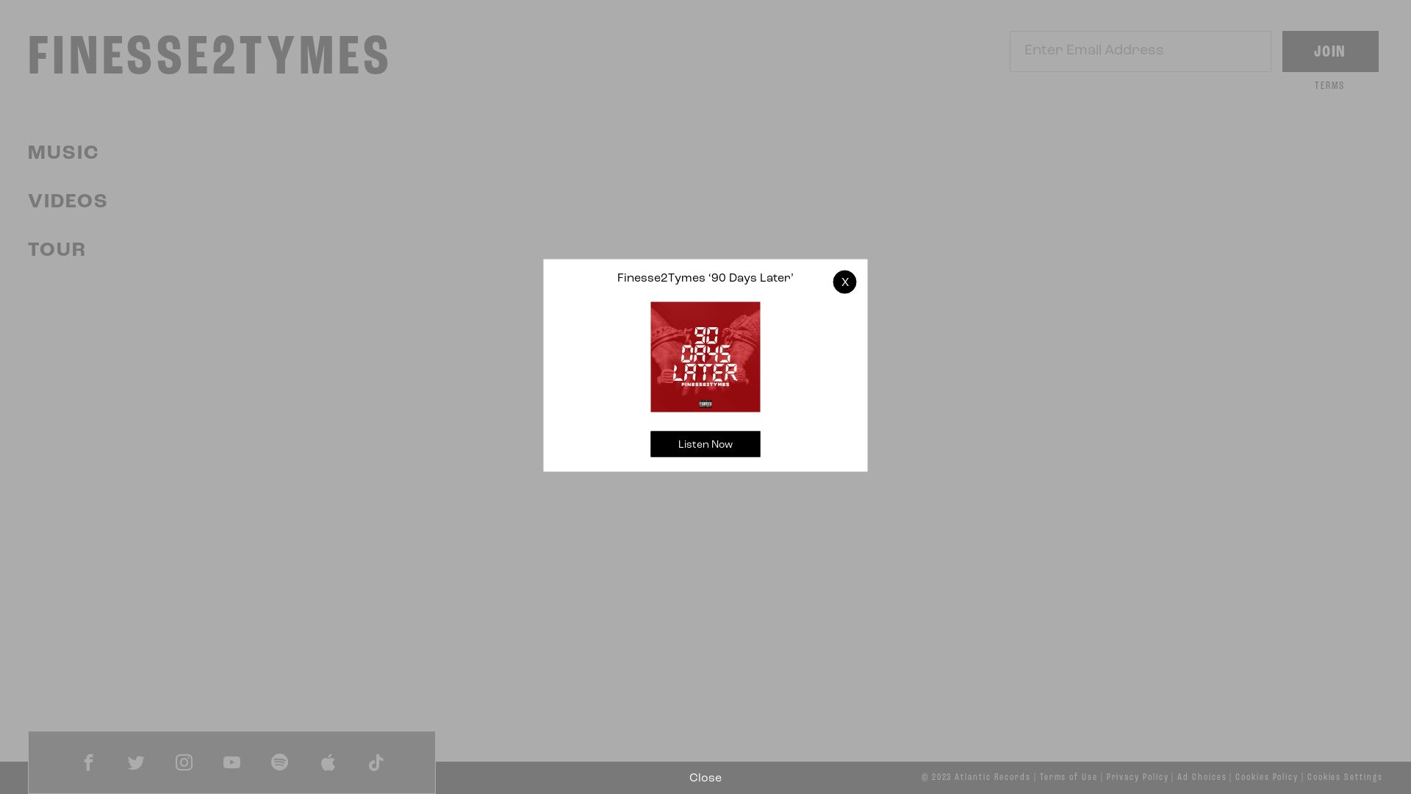  I want to click on 'Terms of Use', so click(1069, 776).